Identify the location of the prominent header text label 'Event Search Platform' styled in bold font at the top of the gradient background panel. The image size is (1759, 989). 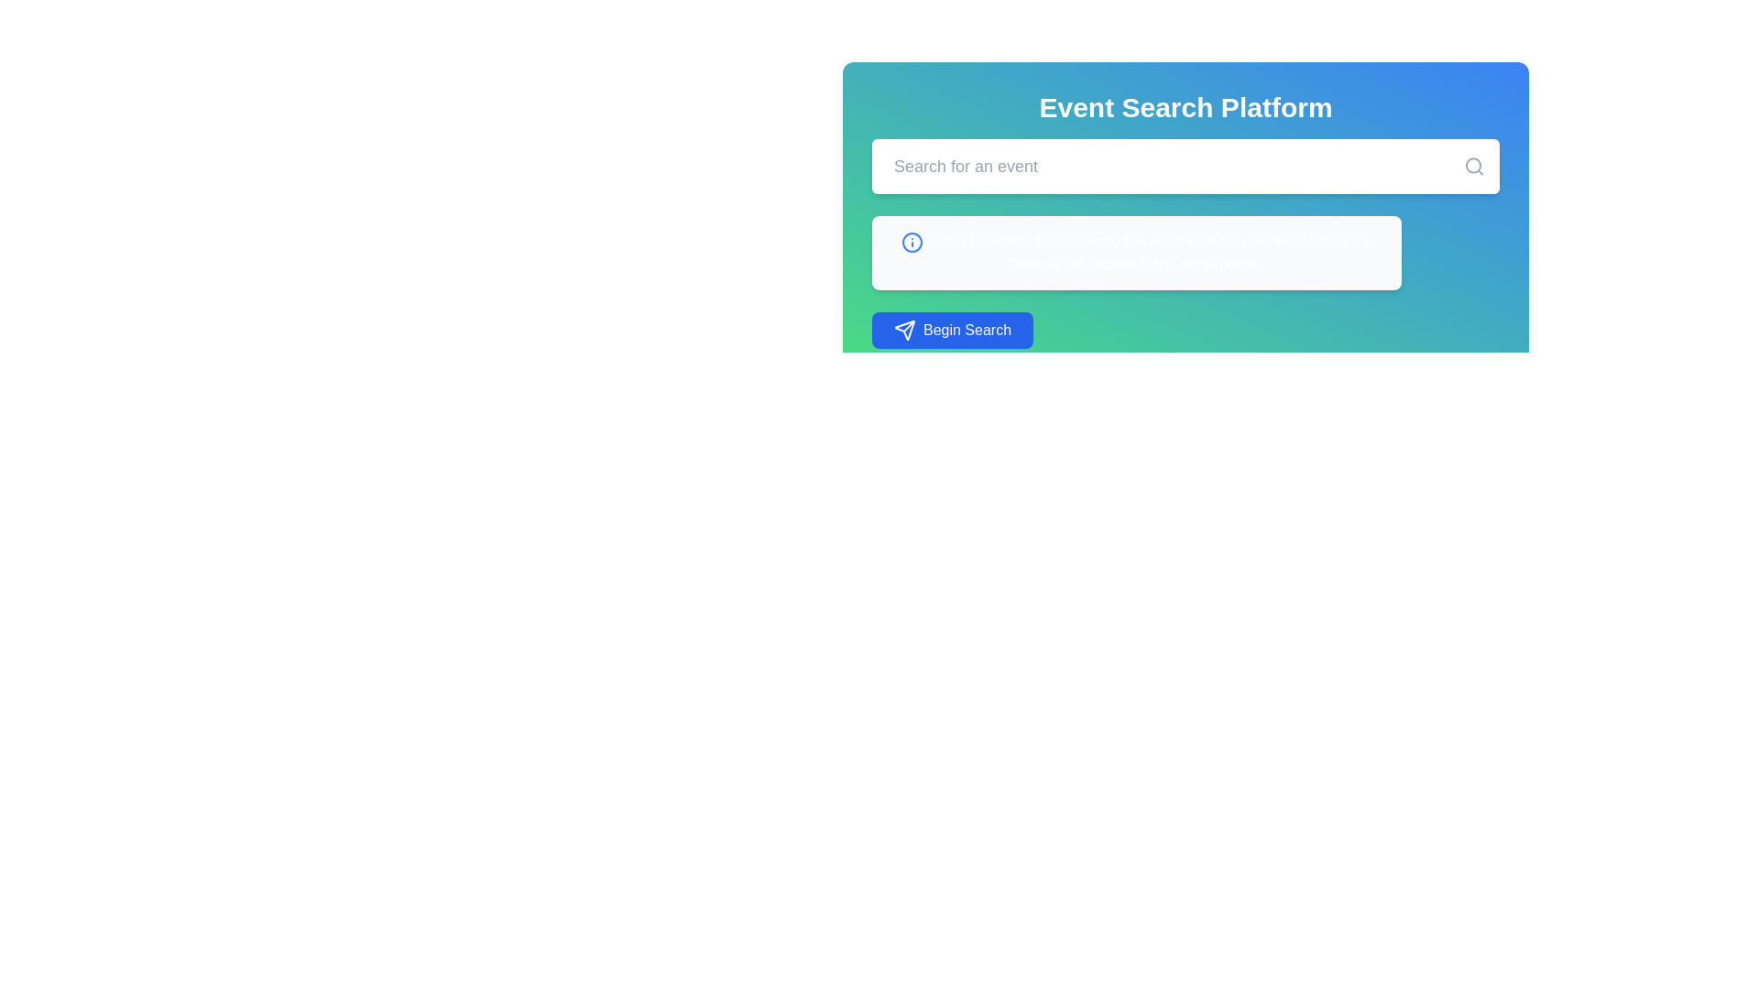
(1185, 108).